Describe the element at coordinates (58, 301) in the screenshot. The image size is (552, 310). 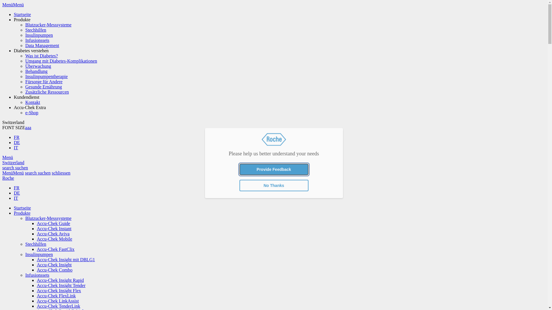
I see `'Accu-Chek LinkAssist'` at that location.